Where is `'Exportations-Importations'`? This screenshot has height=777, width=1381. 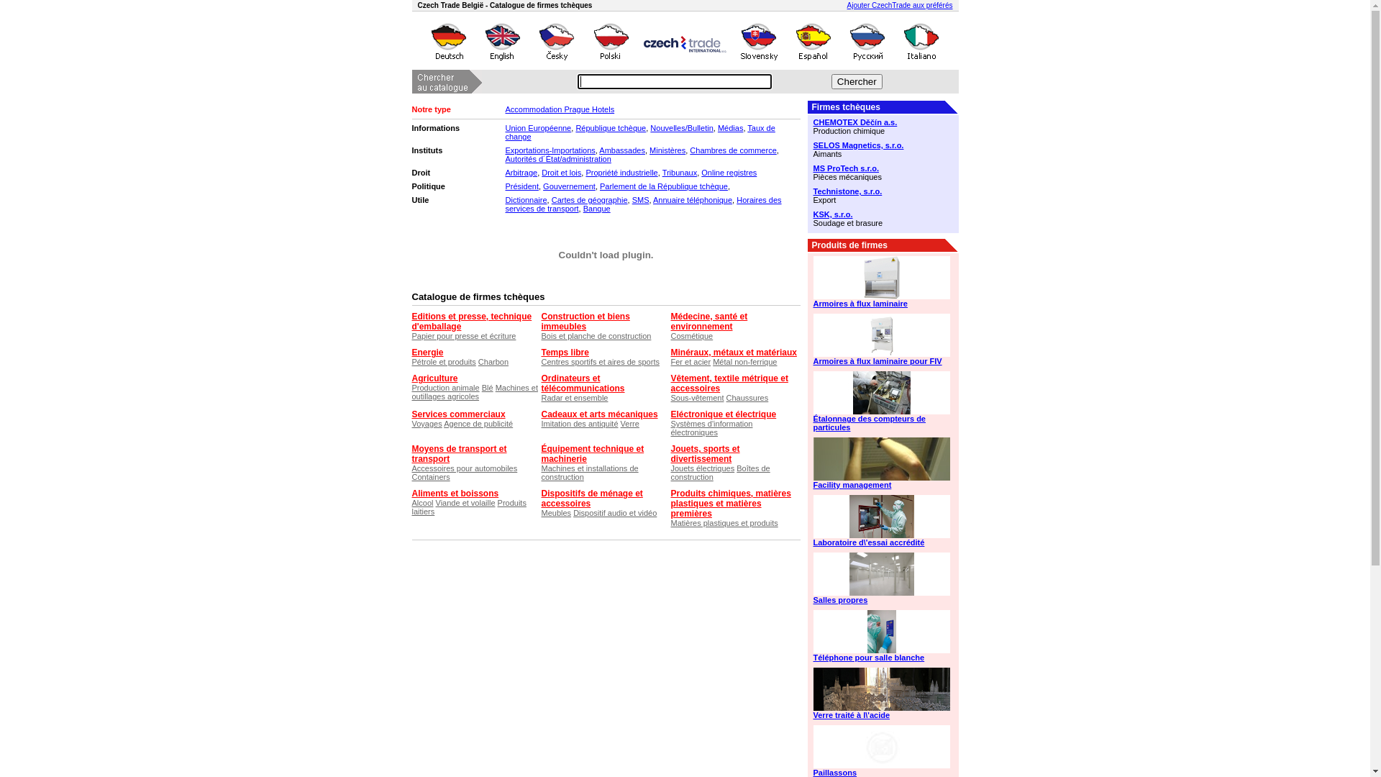
'Exportations-Importations' is located at coordinates (549, 150).